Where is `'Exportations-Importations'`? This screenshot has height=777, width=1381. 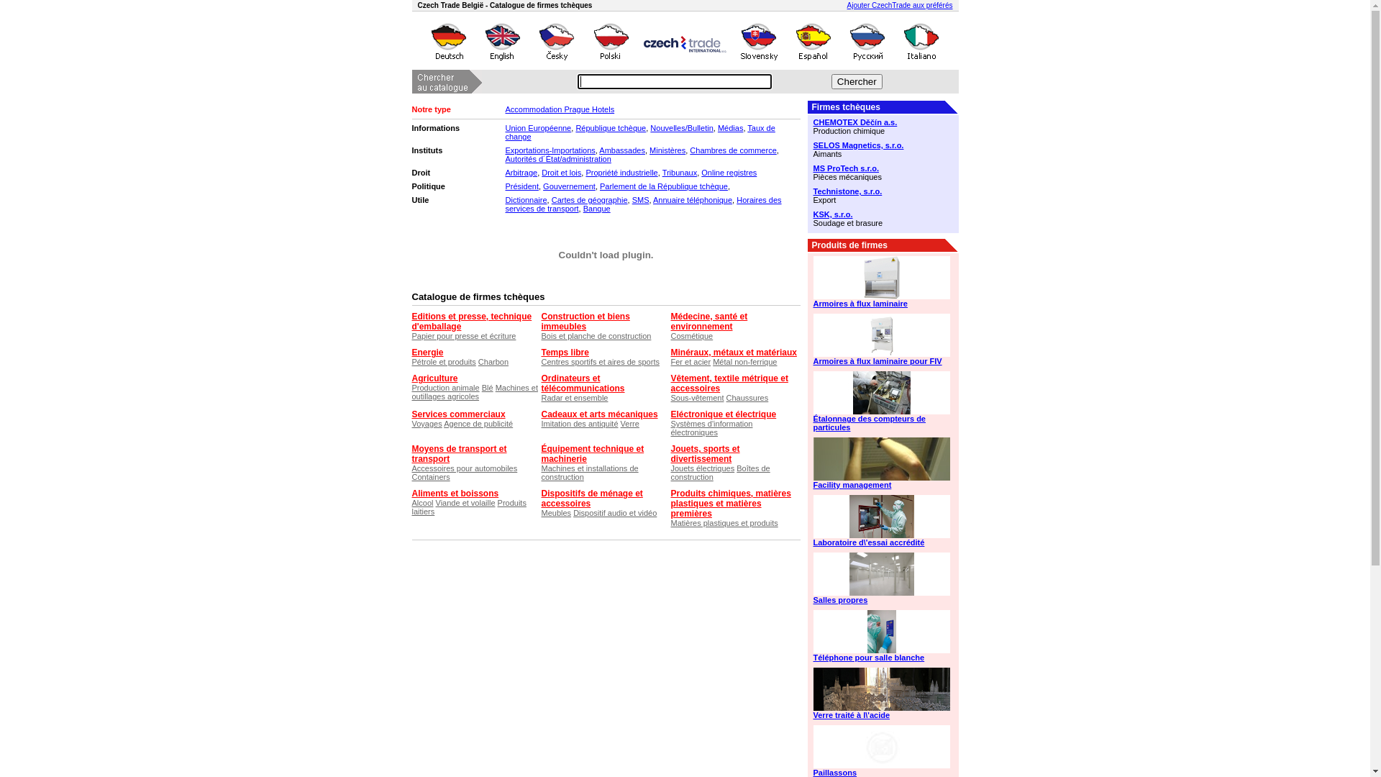
'Exportations-Importations' is located at coordinates (549, 150).